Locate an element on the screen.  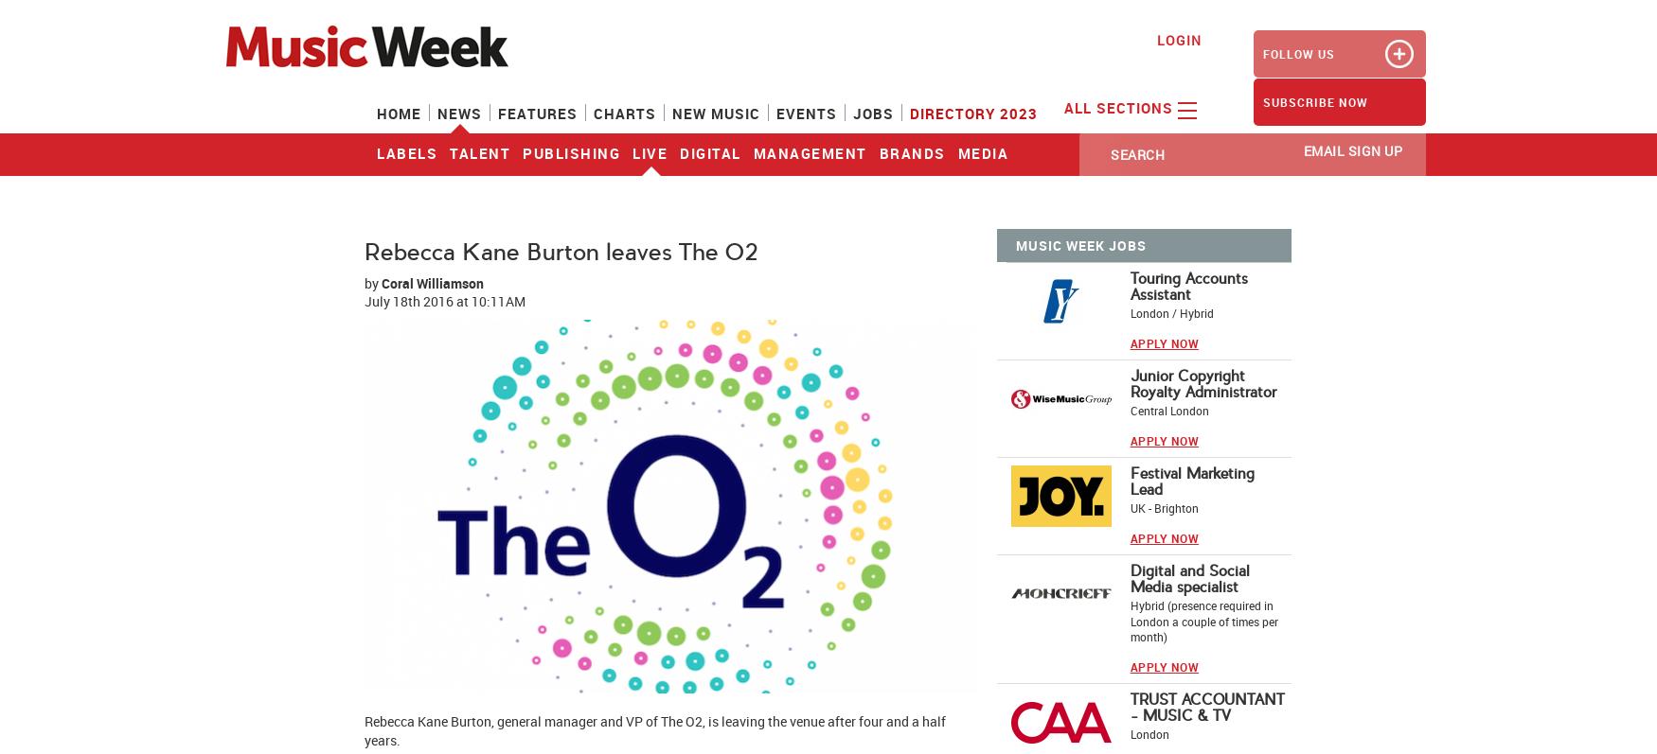
'Live' is located at coordinates (631, 153).